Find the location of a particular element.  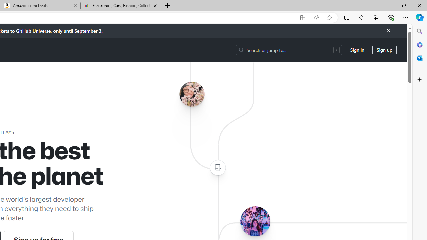

'App available. Install GitHub' is located at coordinates (302, 17).